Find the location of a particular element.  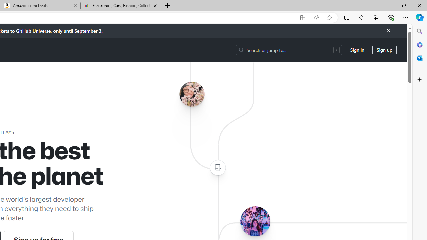

'App available. Install GitHub' is located at coordinates (302, 17).